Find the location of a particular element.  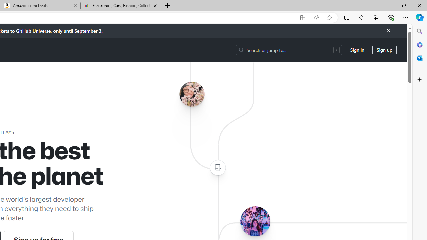

'App available. Install GitHub' is located at coordinates (302, 17).